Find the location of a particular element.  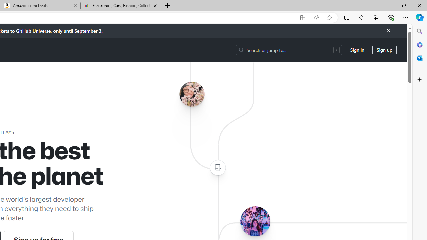

'App available. Install GitHub' is located at coordinates (302, 17).